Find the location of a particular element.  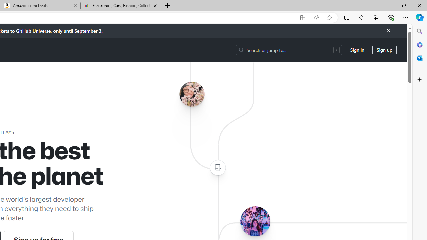

'App available. Install GitHub' is located at coordinates (302, 17).